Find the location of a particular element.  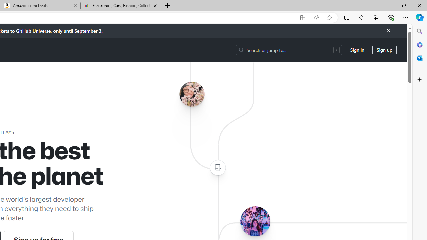

'App available. Install GitHub' is located at coordinates (302, 17).